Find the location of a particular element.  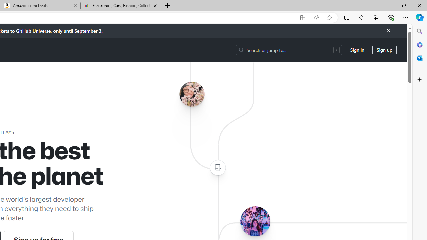

'App available. Install GitHub' is located at coordinates (302, 17).